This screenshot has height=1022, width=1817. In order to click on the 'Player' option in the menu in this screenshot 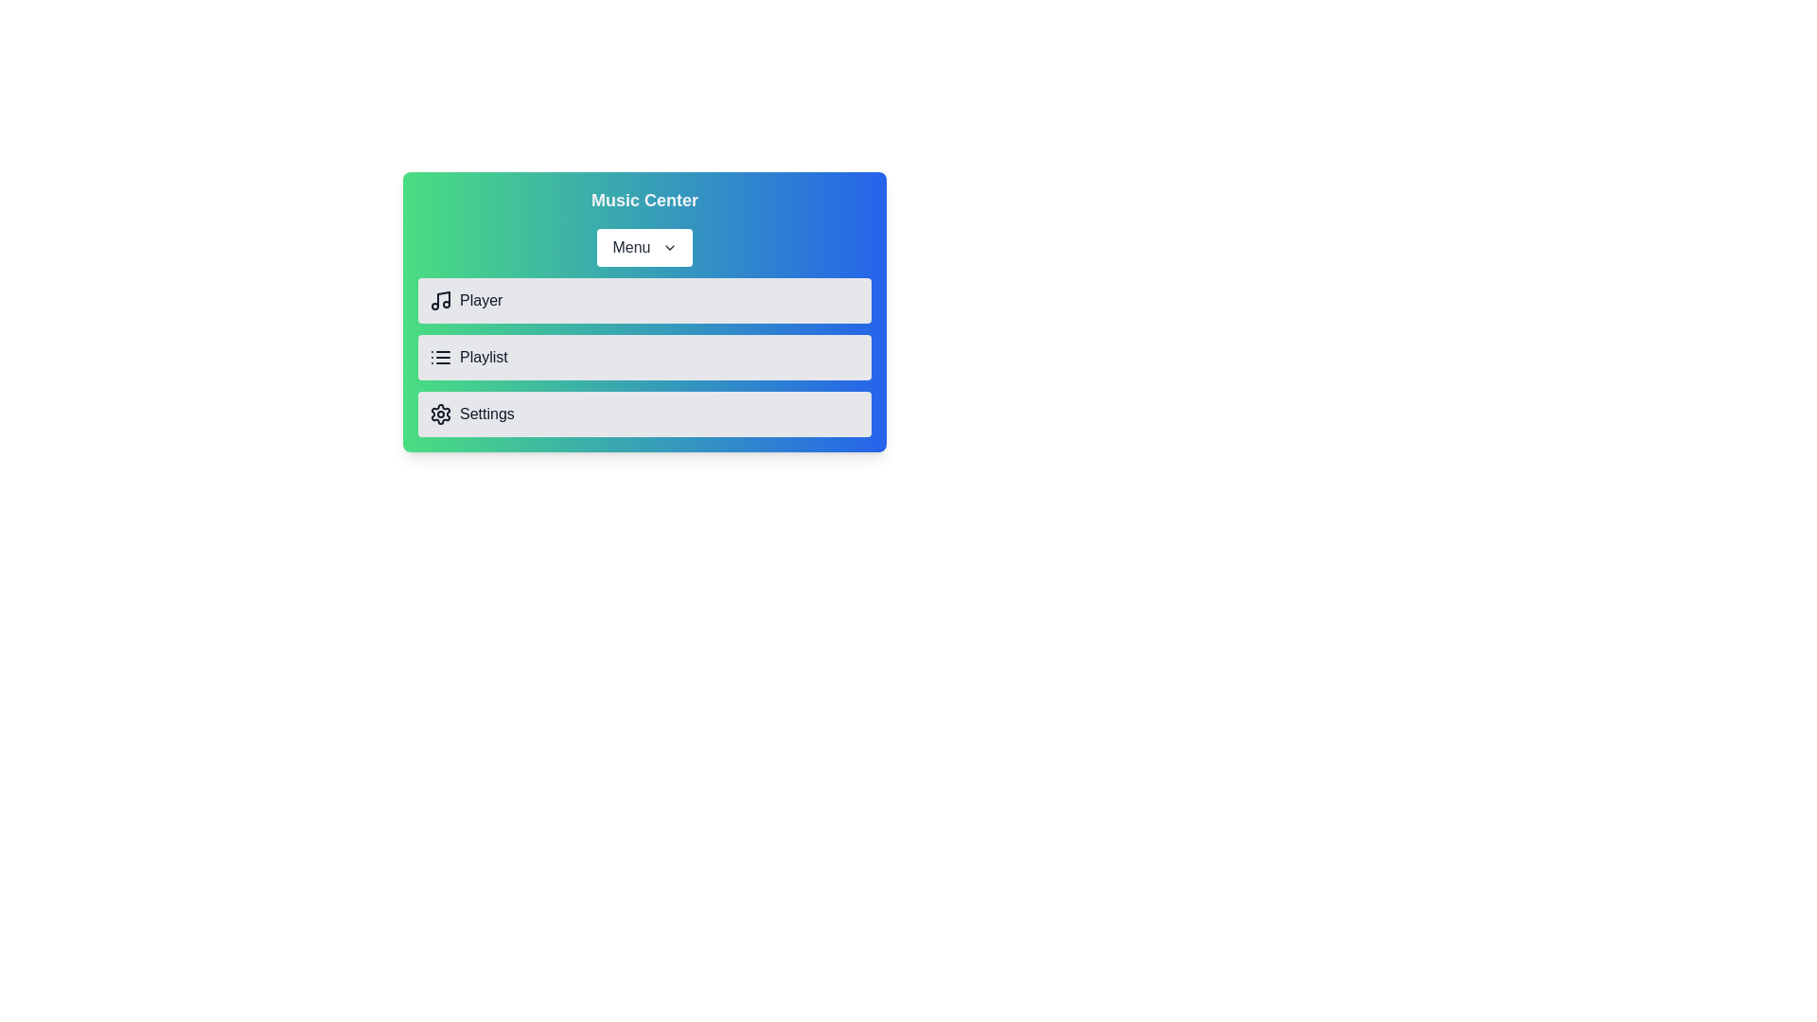, I will do `click(644, 299)`.